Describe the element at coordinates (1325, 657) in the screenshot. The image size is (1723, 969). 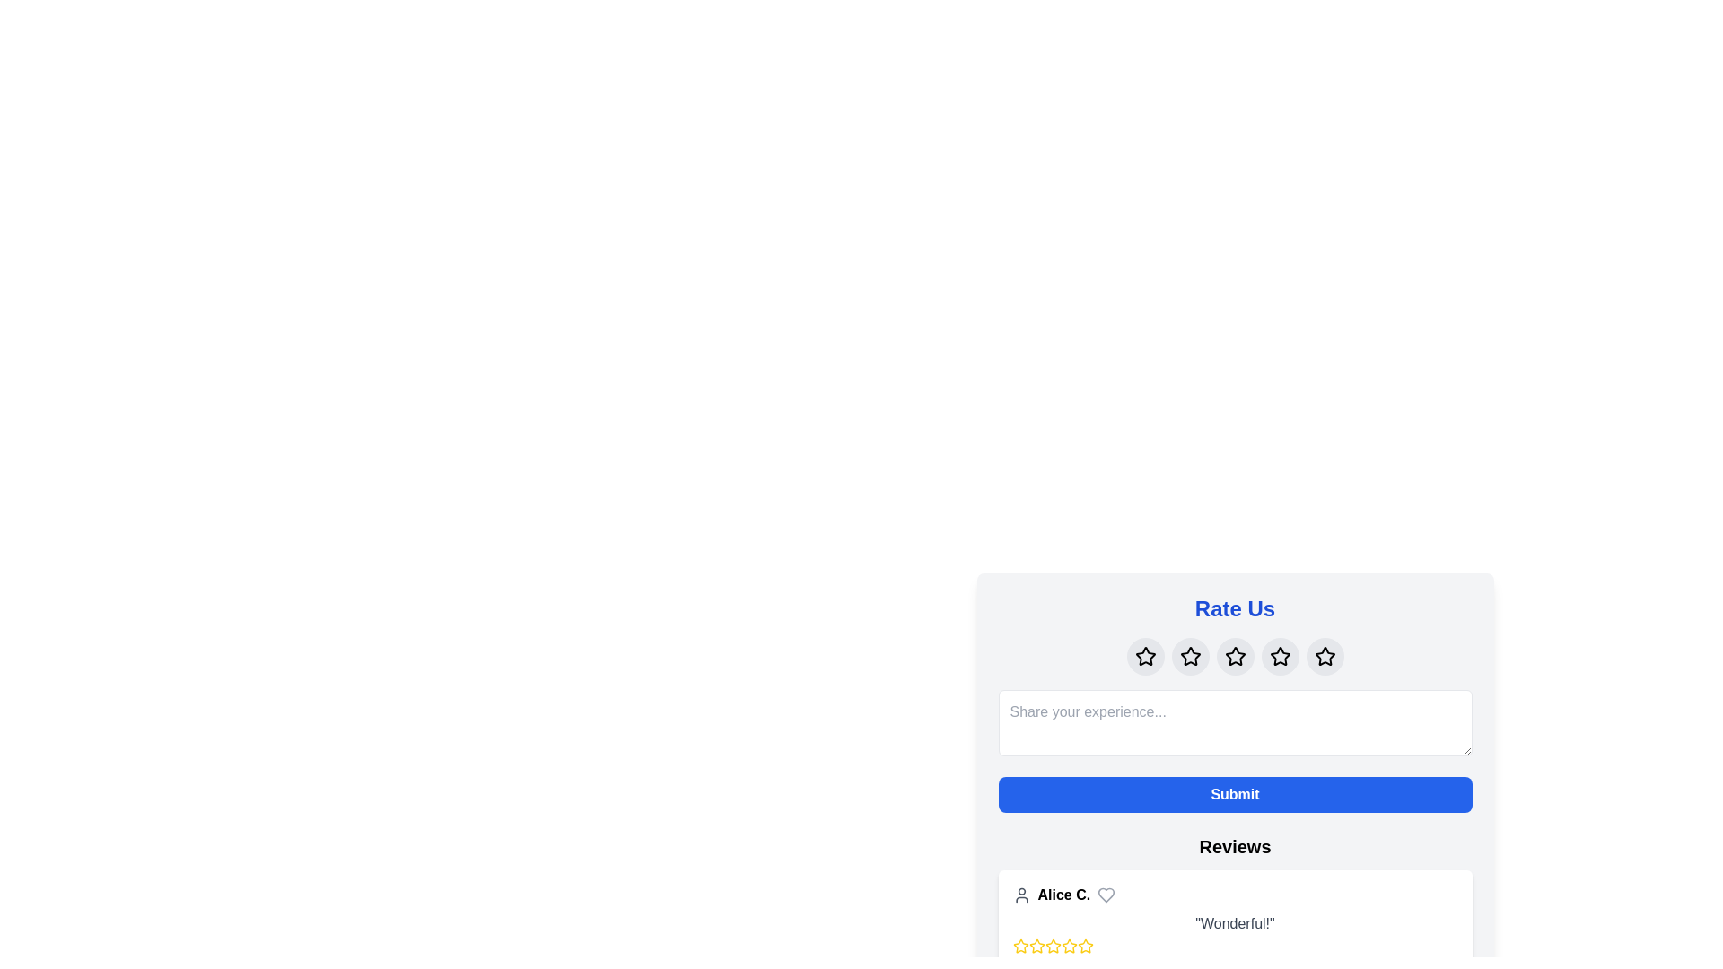
I see `the fifth star icon enclosed in a button under the 'Rate Us' heading` at that location.